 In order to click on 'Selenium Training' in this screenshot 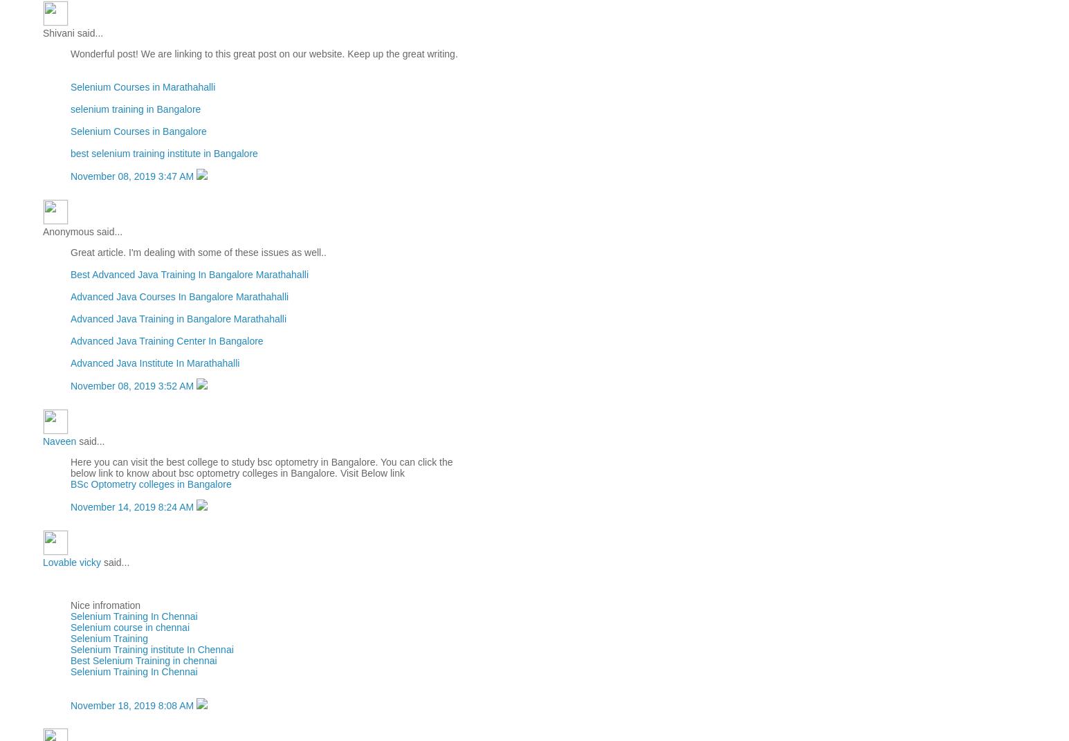, I will do `click(109, 637)`.